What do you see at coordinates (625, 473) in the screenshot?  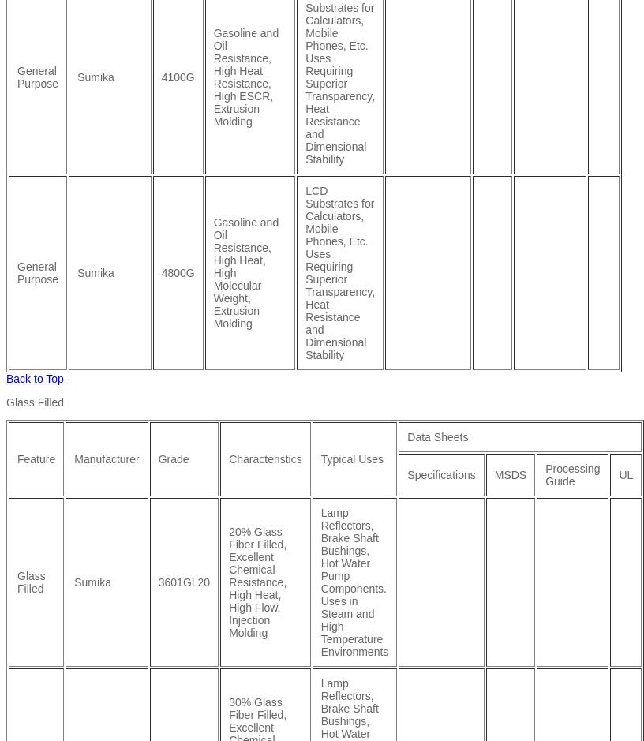 I see `'UL'` at bounding box center [625, 473].